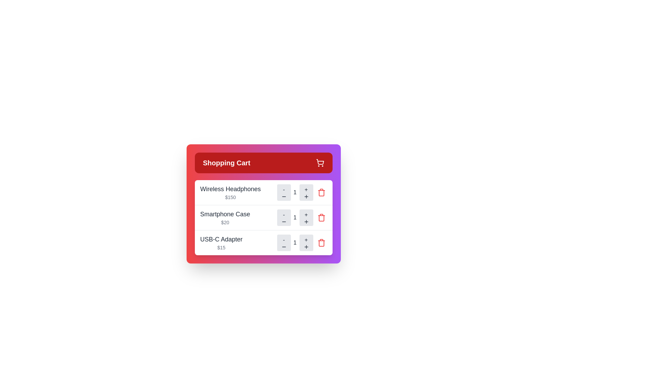 The height and width of the screenshot is (372, 661). Describe the element at coordinates (263, 163) in the screenshot. I see `the shopping cart header button to toggle its visibility` at that location.